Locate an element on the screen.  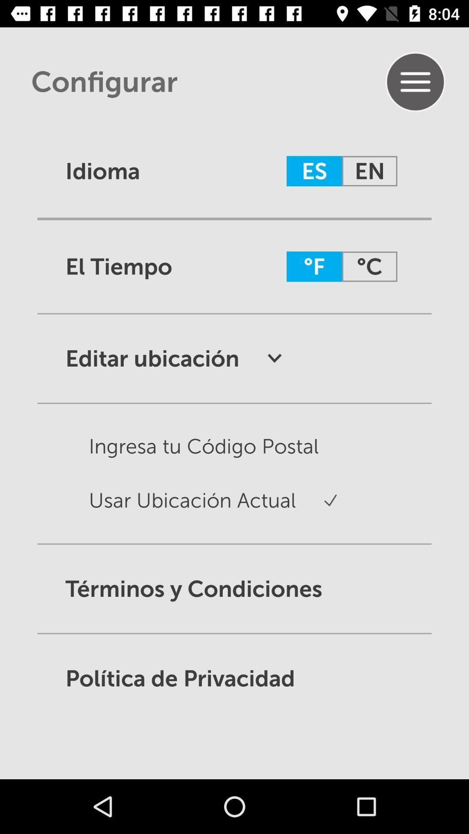
politica de privacidad is located at coordinates (234, 678).